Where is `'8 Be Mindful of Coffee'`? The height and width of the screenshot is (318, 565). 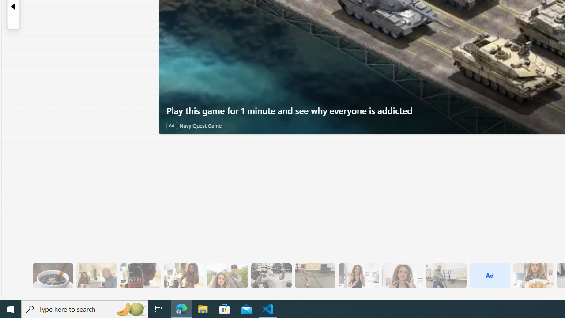
'8 Be Mindful of Coffee' is located at coordinates (52, 275).